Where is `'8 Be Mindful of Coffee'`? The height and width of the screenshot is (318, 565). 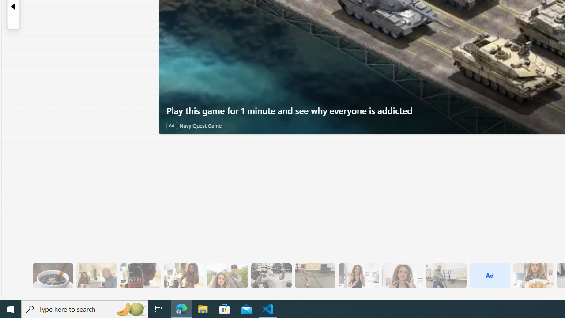
'8 Be Mindful of Coffee' is located at coordinates (52, 275).